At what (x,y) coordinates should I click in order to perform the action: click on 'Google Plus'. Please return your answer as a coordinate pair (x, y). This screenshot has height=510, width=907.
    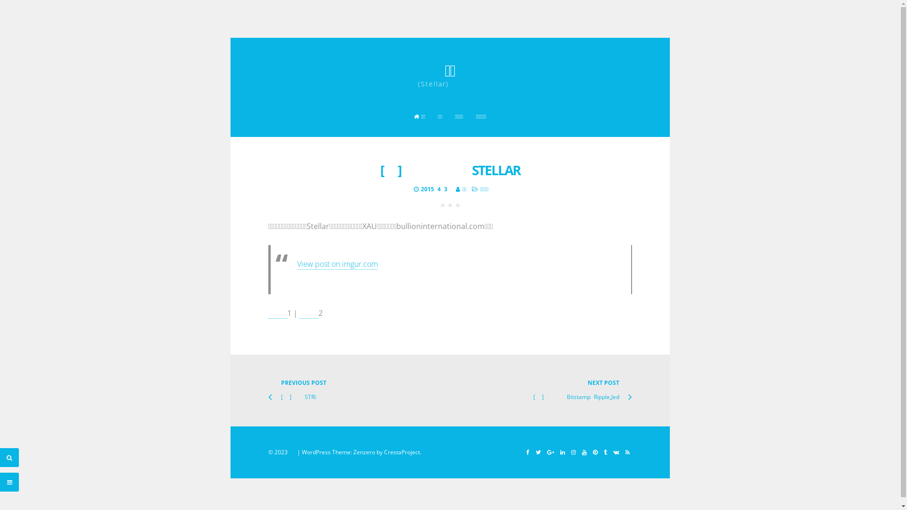
    Looking at the image, I should click on (550, 451).